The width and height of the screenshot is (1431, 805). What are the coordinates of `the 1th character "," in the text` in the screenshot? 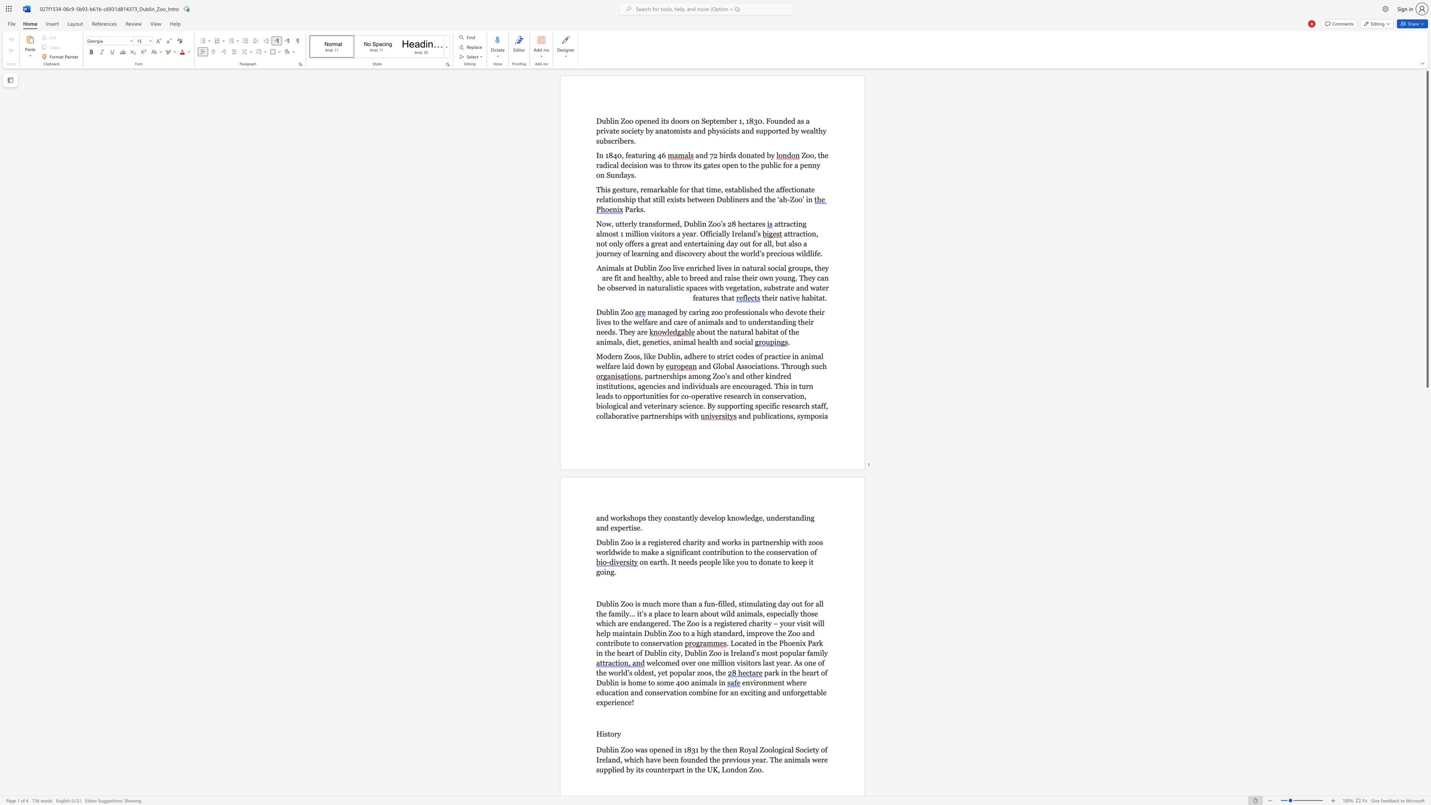 It's located at (622, 154).